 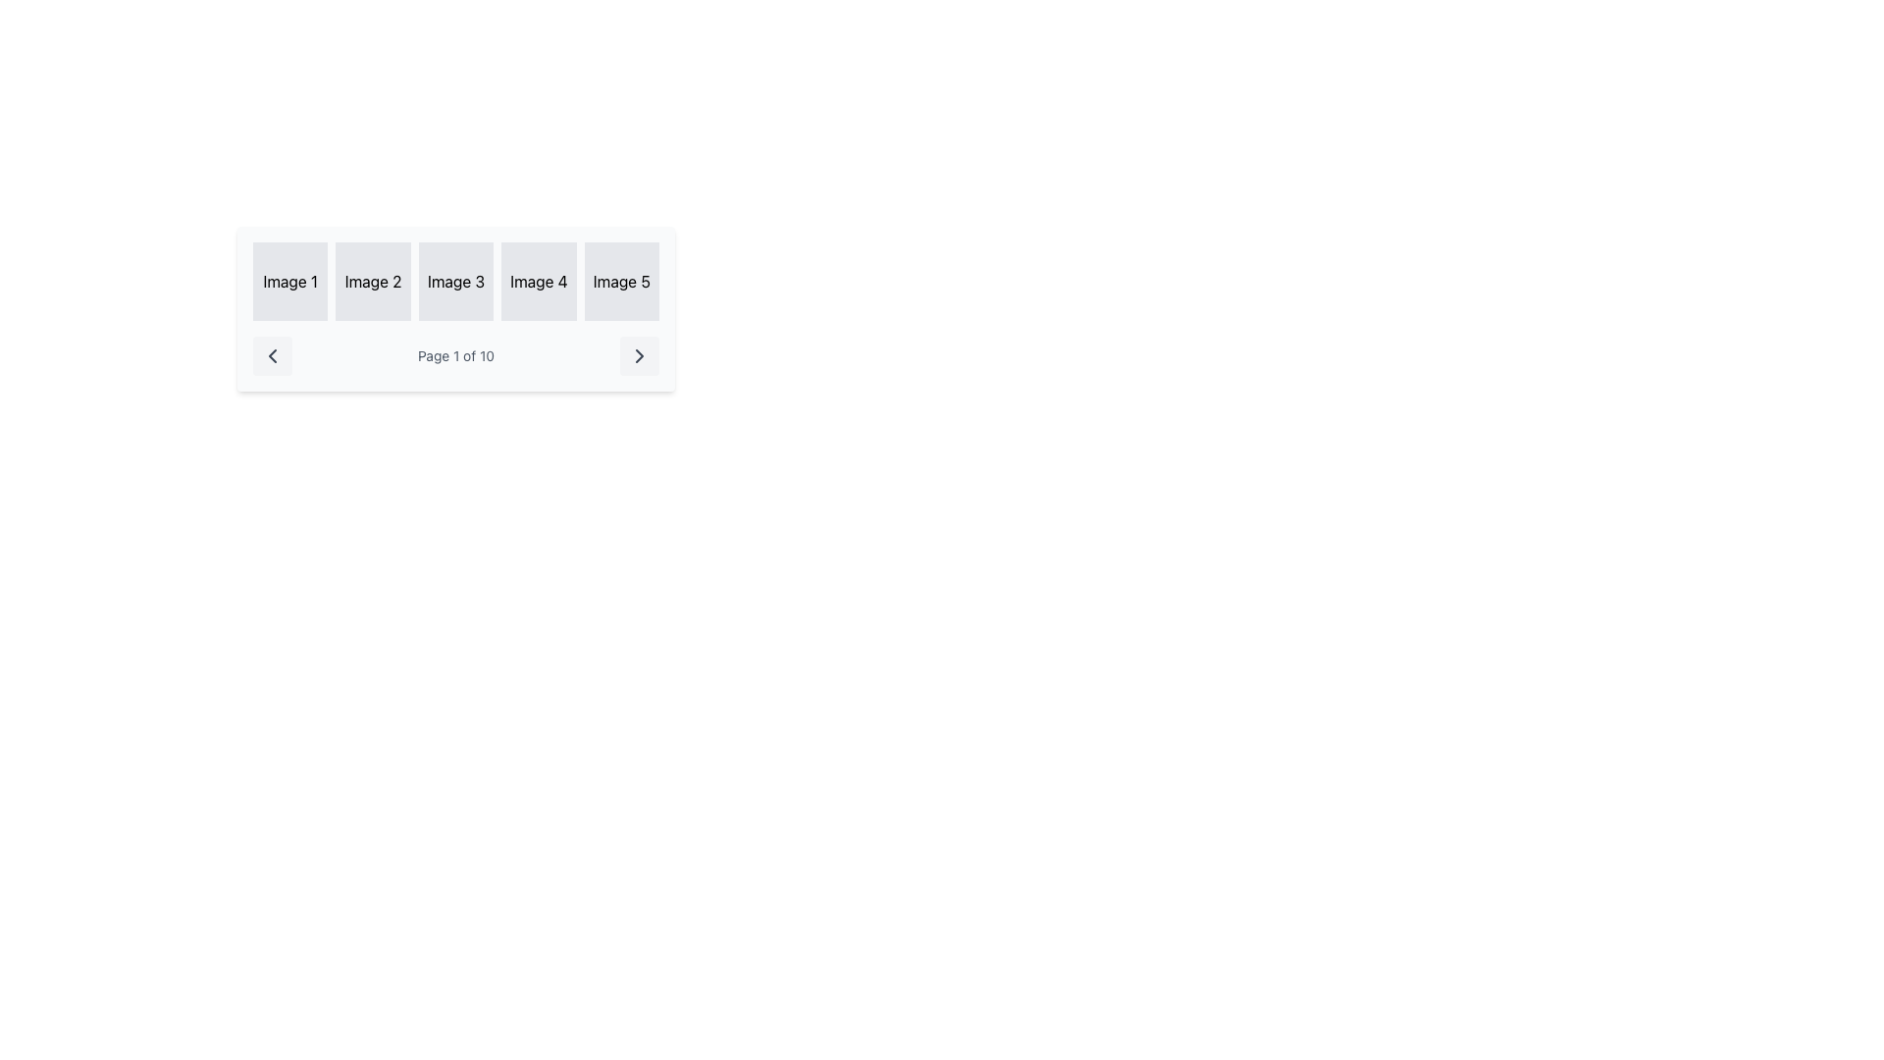 I want to click on the small square button with a rounded background and a right-facing chevron icon, so click(x=640, y=355).